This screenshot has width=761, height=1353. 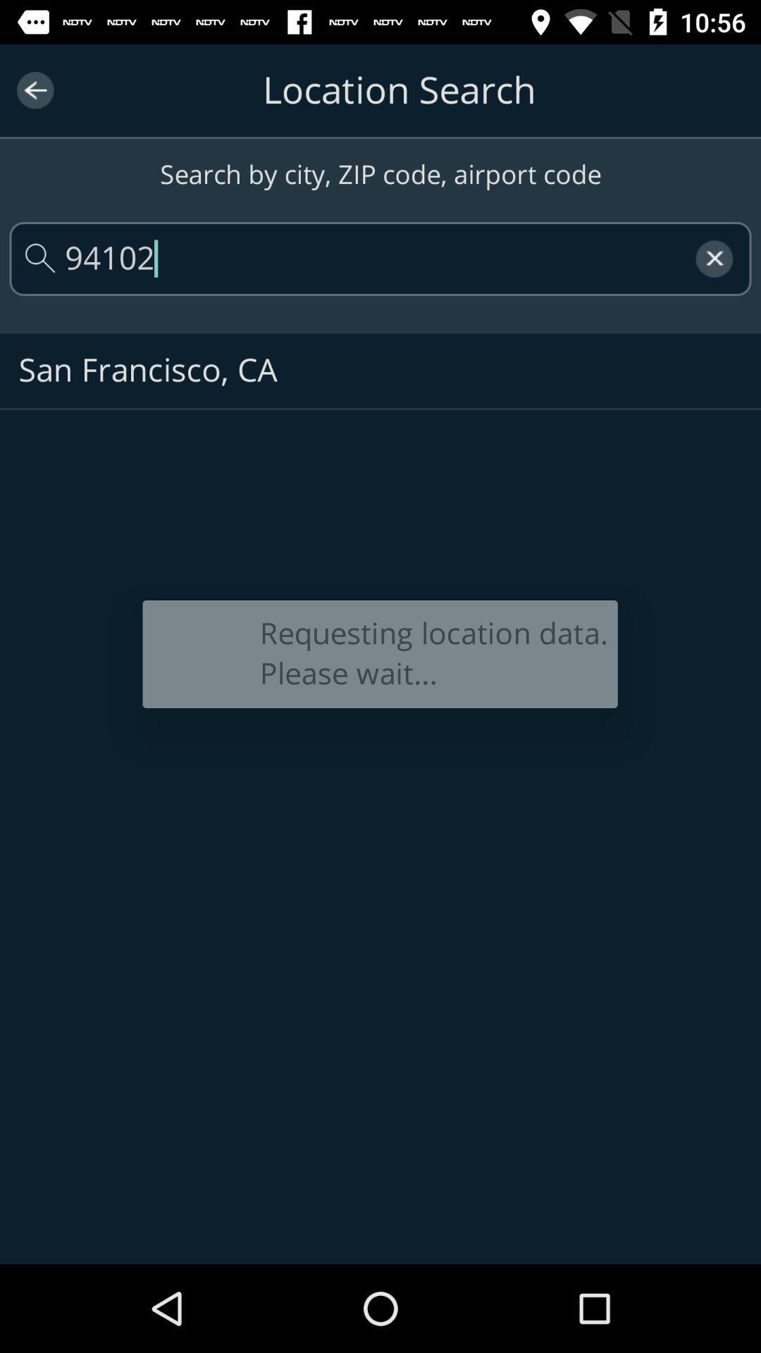 I want to click on the close icon, so click(x=714, y=259).